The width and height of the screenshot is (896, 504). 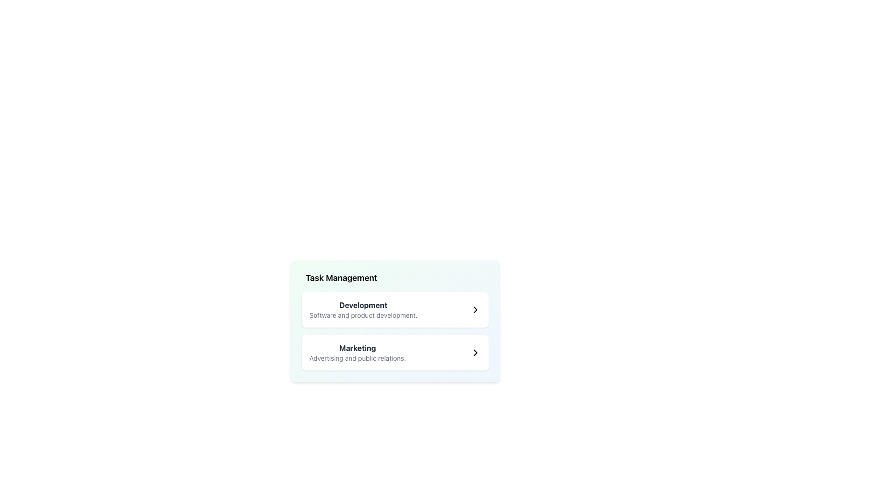 What do you see at coordinates (357, 353) in the screenshot?
I see `the Text display element that describes the category 'Marketing' and its subcategory 'Advertising and public relations' for accessibility` at bounding box center [357, 353].